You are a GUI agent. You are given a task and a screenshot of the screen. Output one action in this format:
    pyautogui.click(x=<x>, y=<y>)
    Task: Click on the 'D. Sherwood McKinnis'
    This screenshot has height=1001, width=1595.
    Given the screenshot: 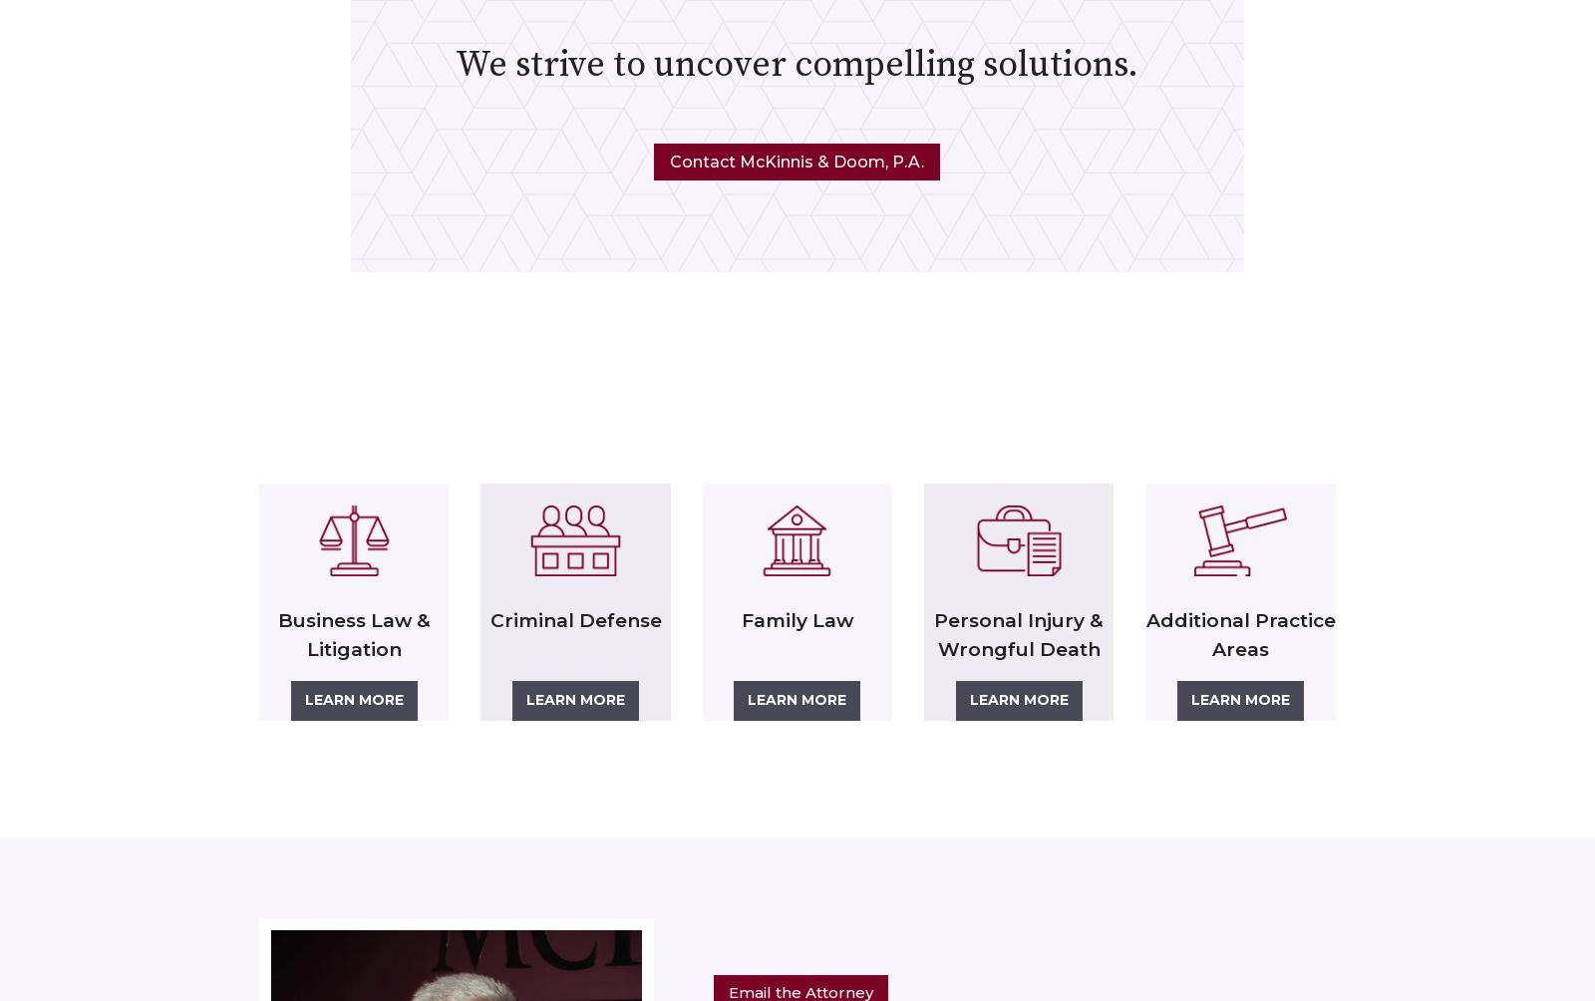 What is the action you would take?
    pyautogui.click(x=891, y=936)
    